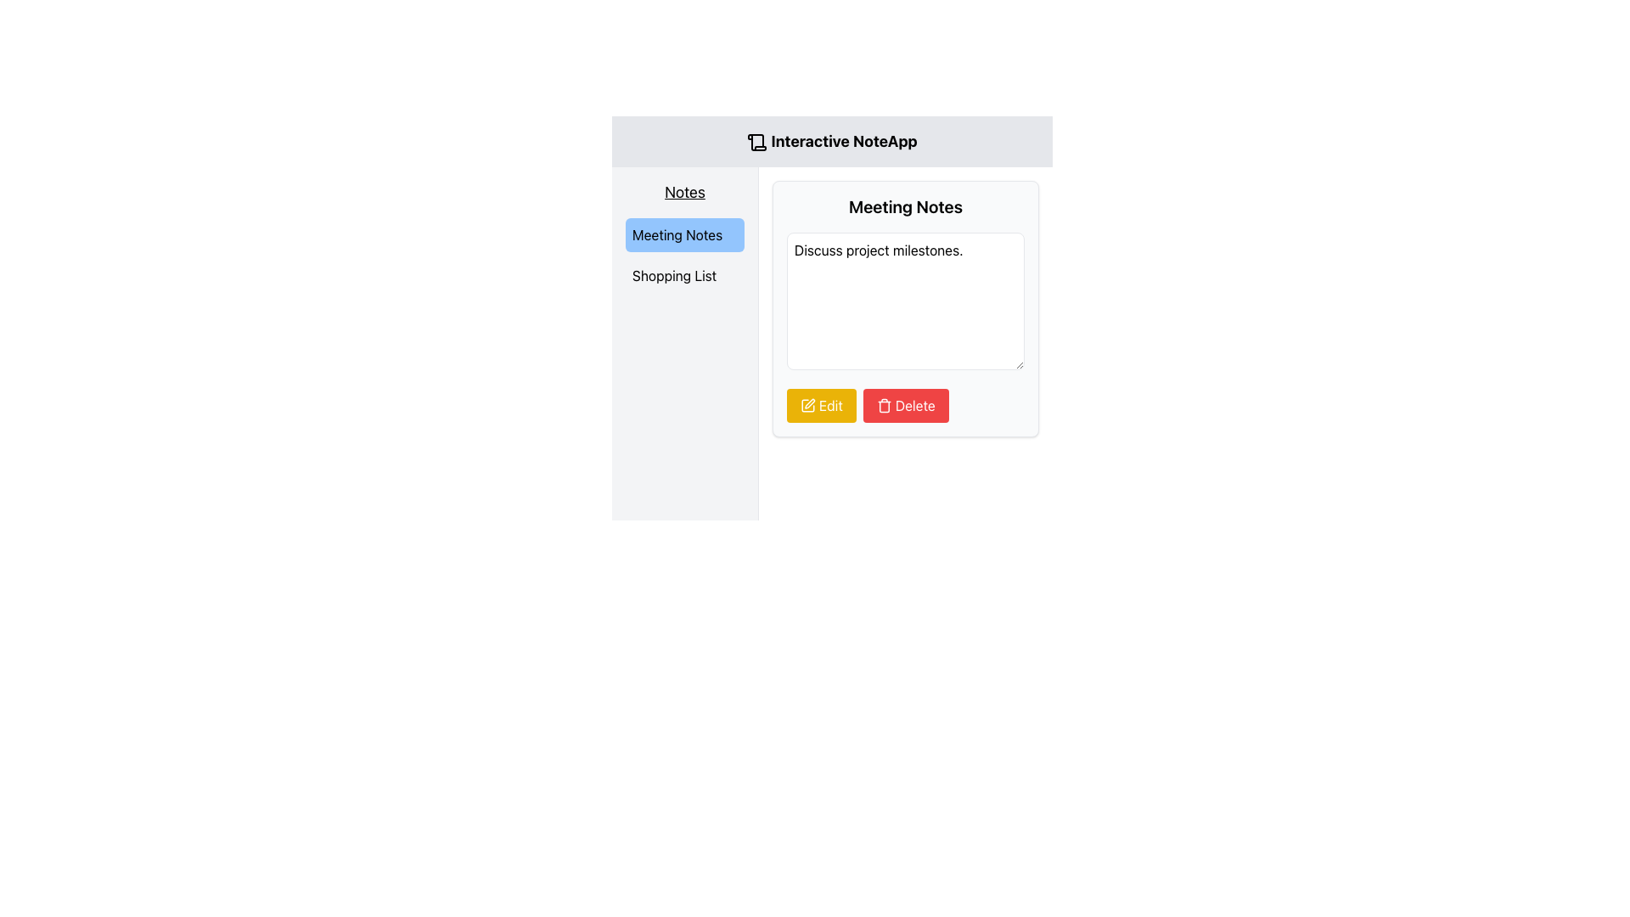 Image resolution: width=1630 pixels, height=917 pixels. Describe the element at coordinates (807, 406) in the screenshot. I see `the icon inside the yellow 'Edit' button located beneath the 'Meeting Notes' textbox` at that location.